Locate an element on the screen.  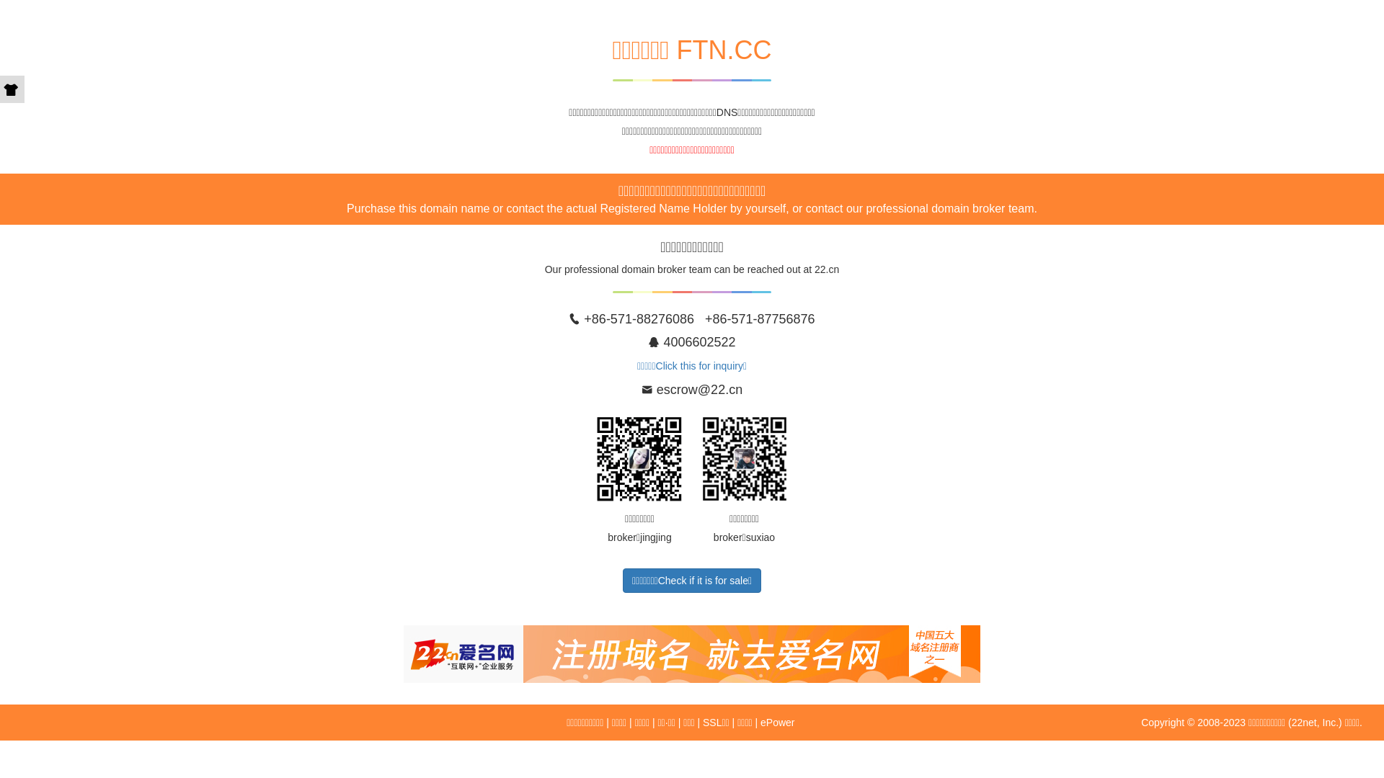
'ePower' is located at coordinates (776, 722).